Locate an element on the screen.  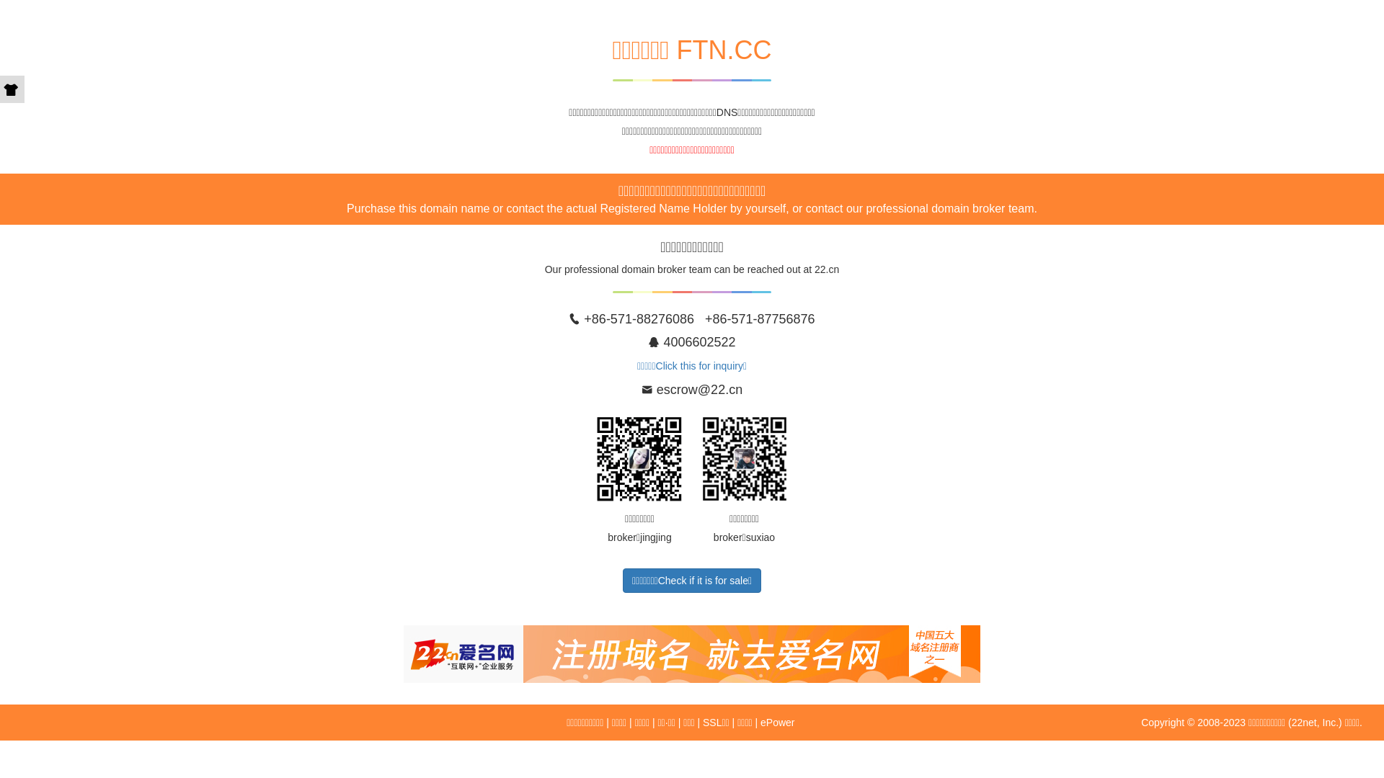
'ePower' is located at coordinates (776, 722).